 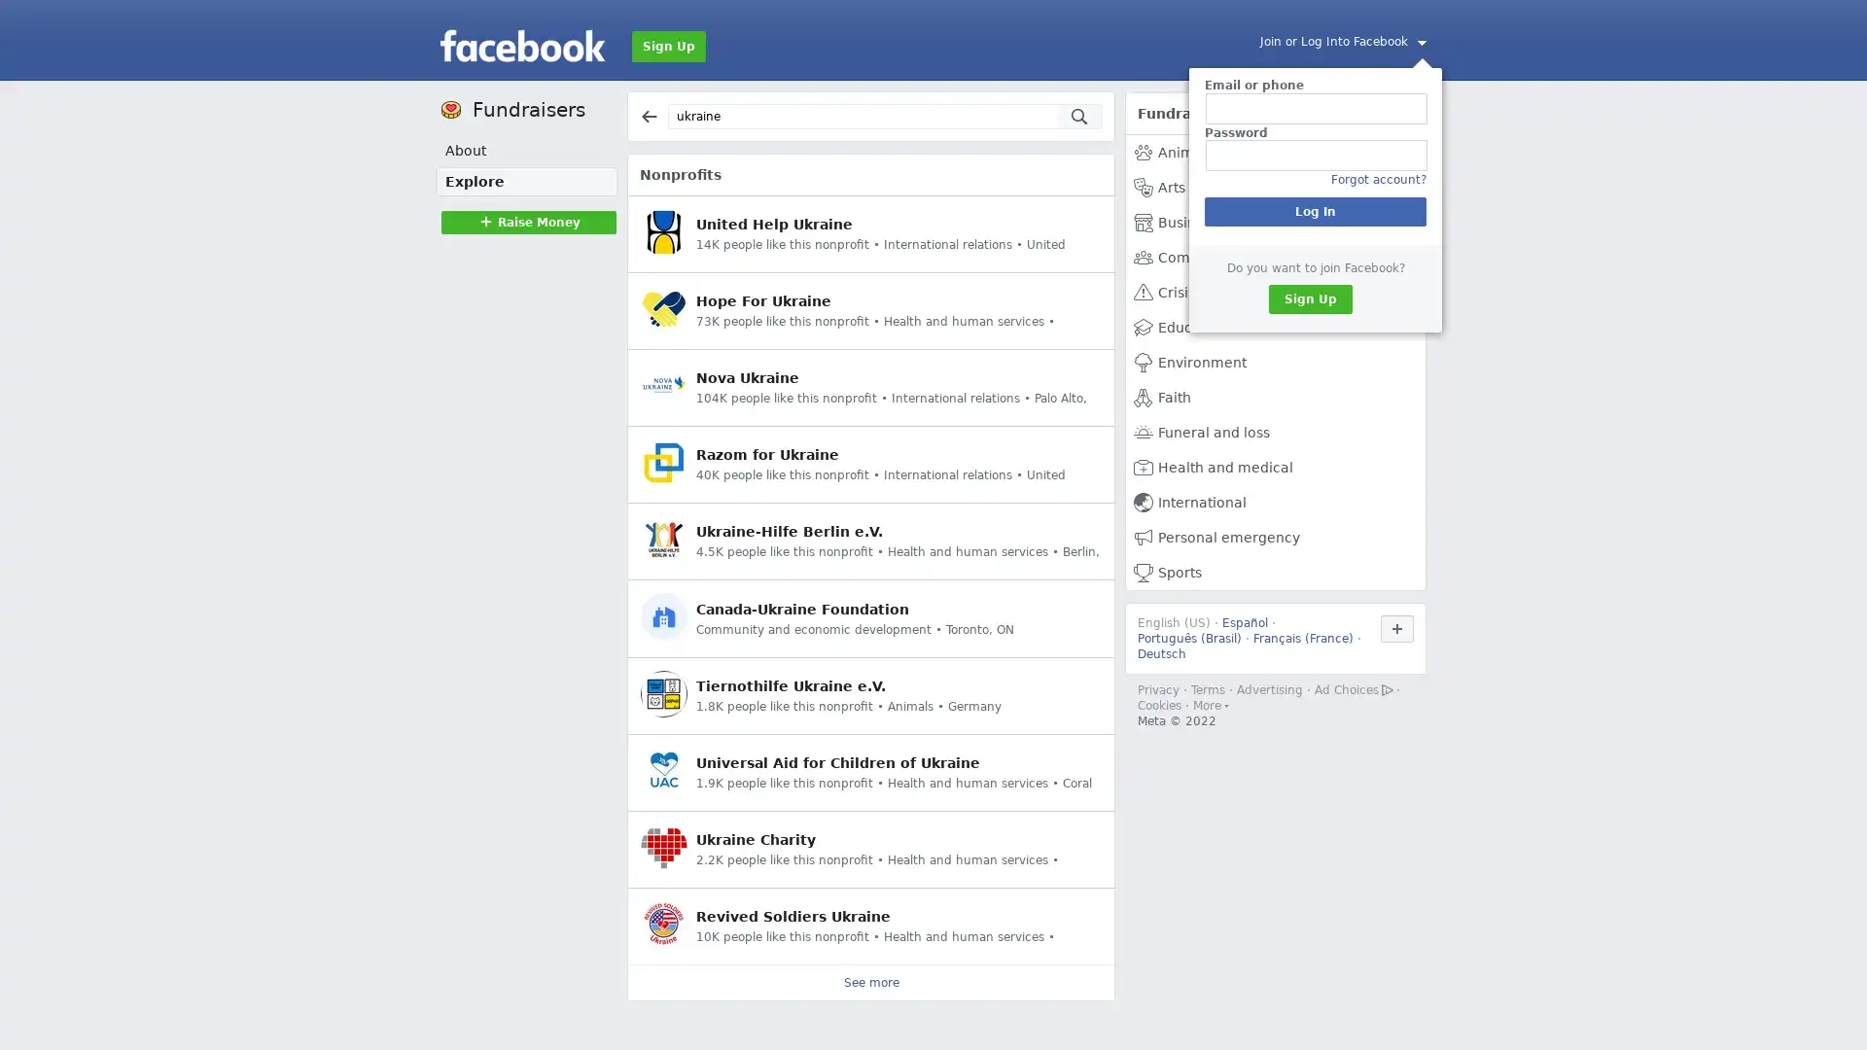 What do you see at coordinates (870, 618) in the screenshot?
I see `Canada-Ukraine Foundation Community and economic development  Toronto, ON` at bounding box center [870, 618].